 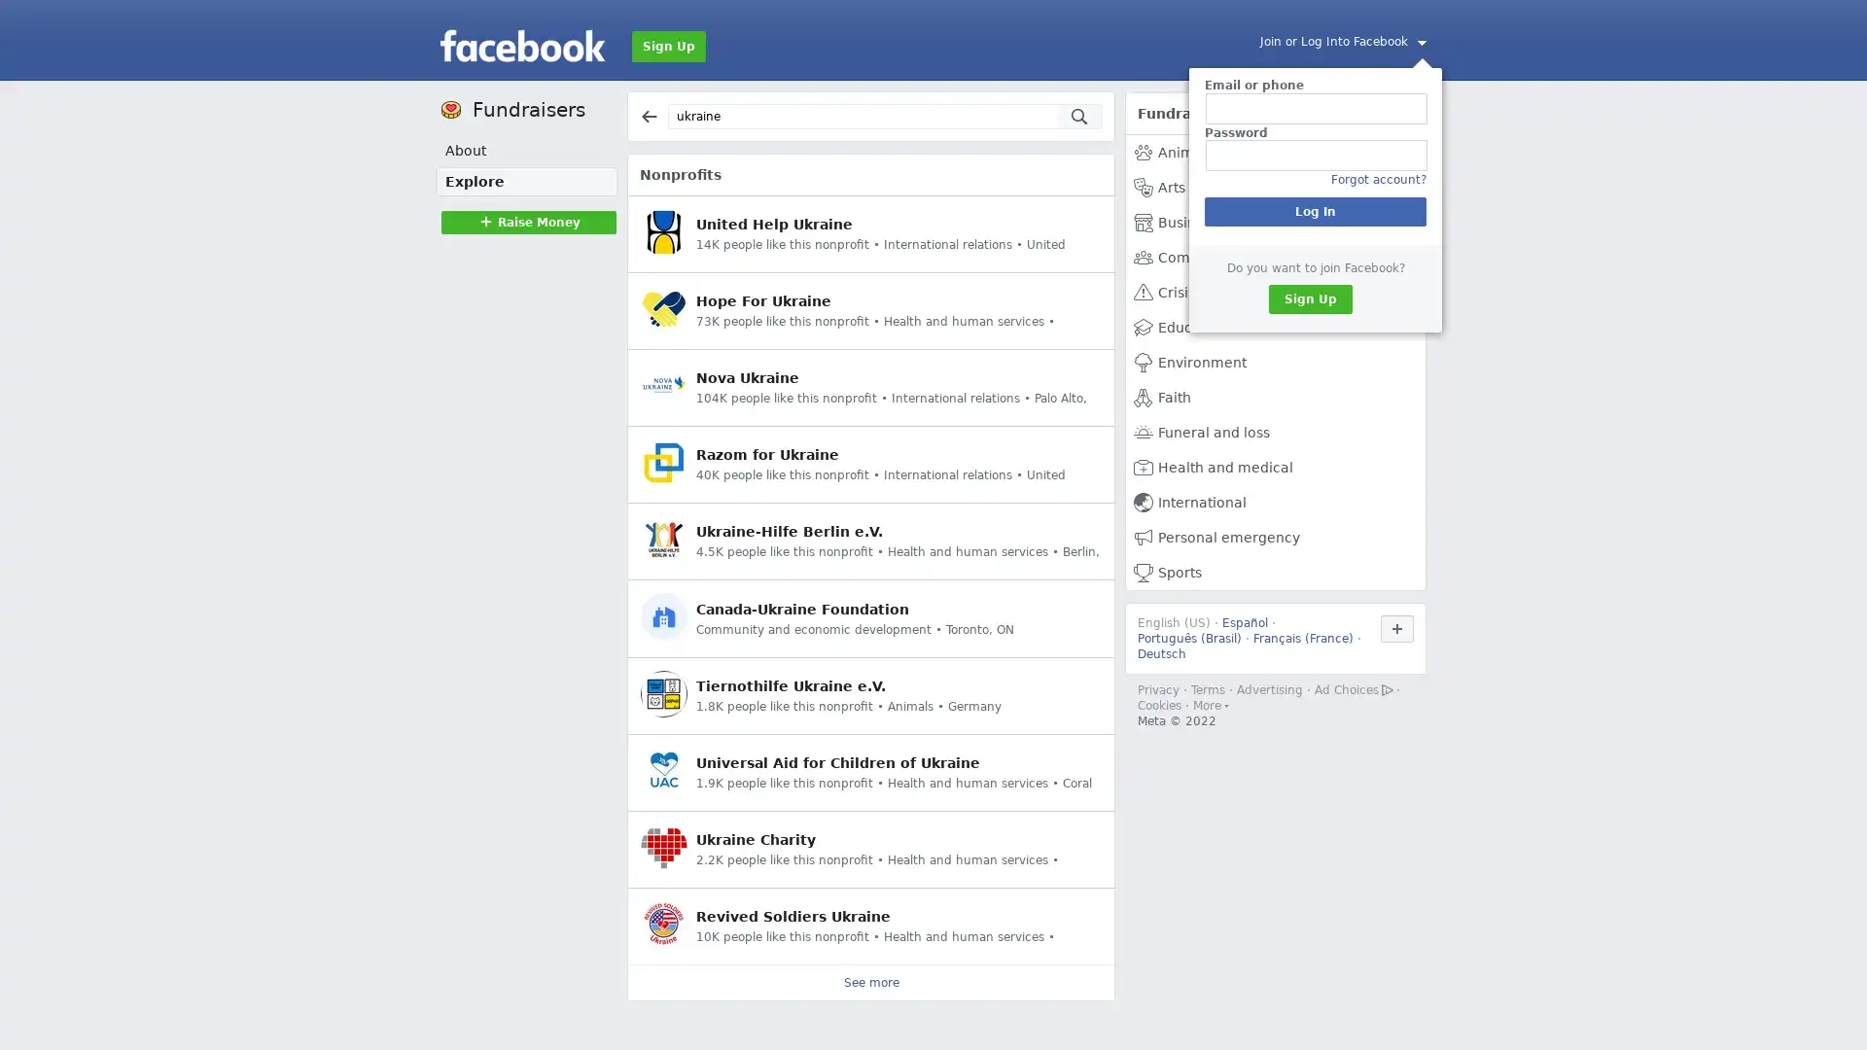 What do you see at coordinates (870, 618) in the screenshot?
I see `Canada-Ukraine Foundation Community and economic development  Toronto, ON` at bounding box center [870, 618].